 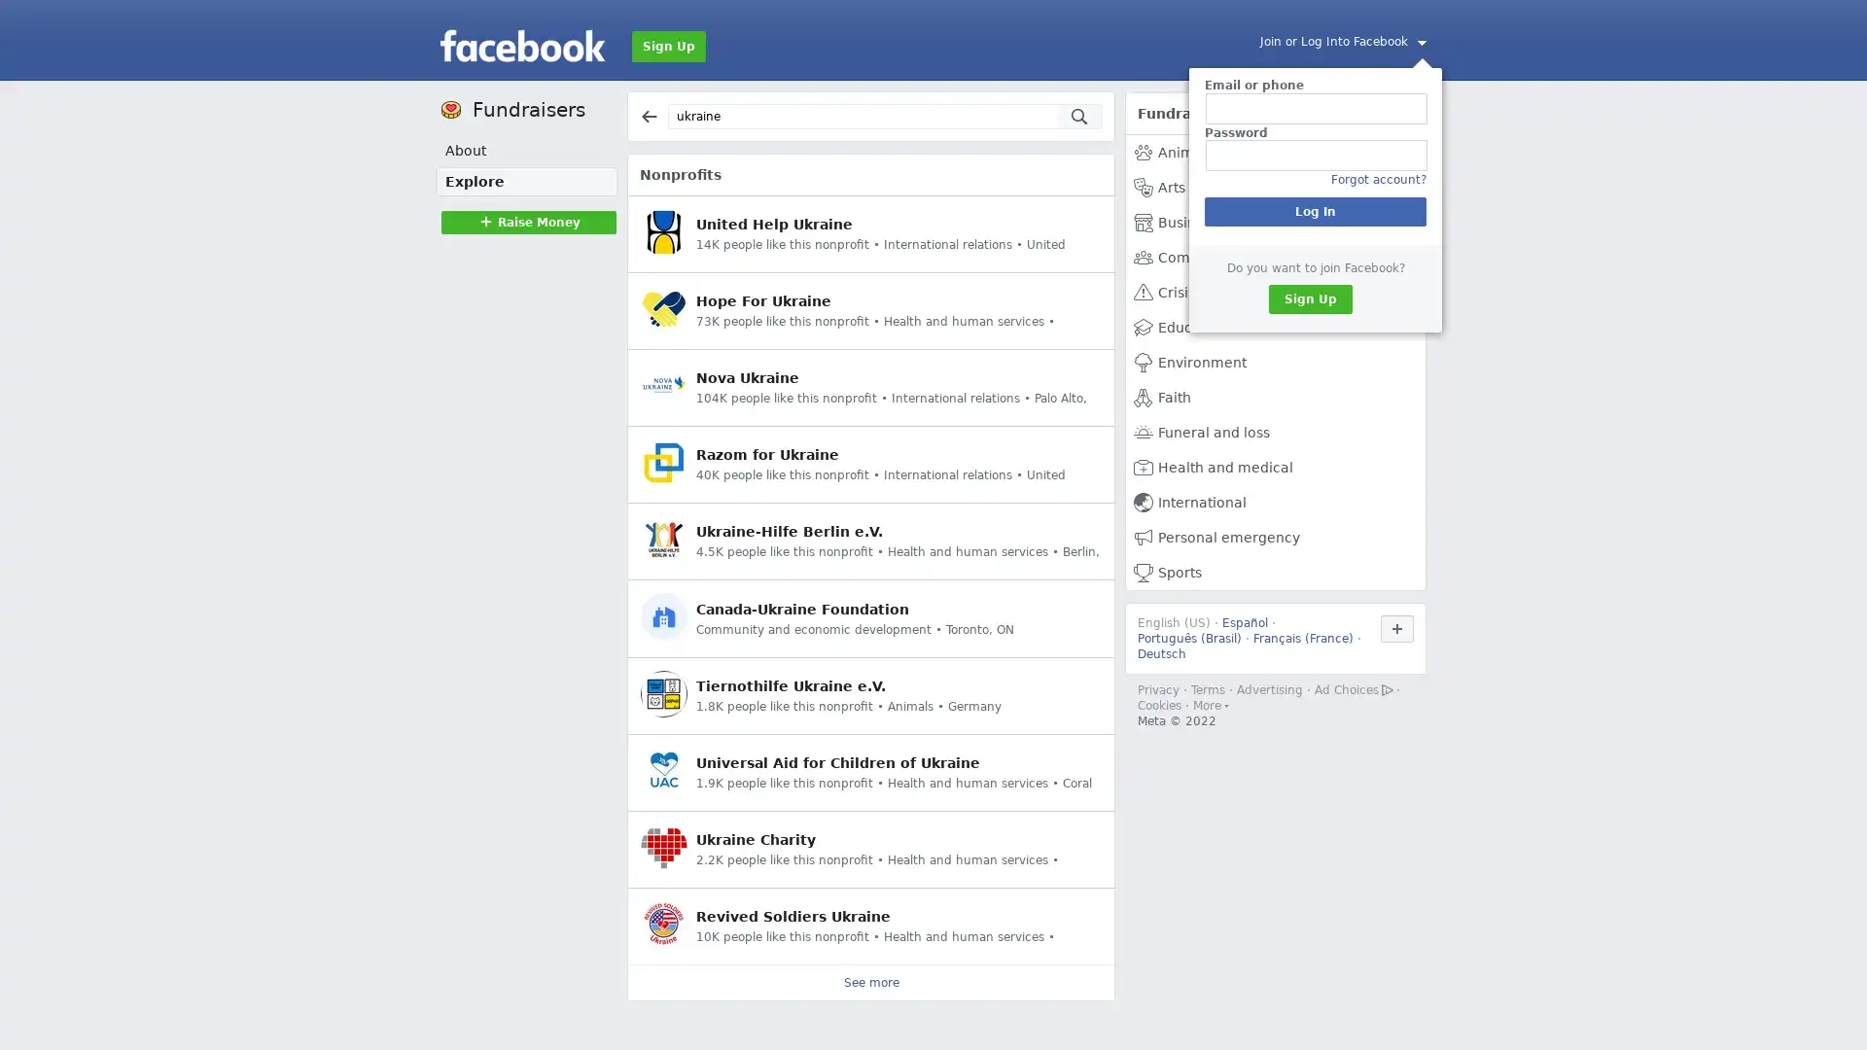 What do you see at coordinates (870, 618) in the screenshot?
I see `Canada-Ukraine Foundation Community and economic development  Toronto, ON` at bounding box center [870, 618].